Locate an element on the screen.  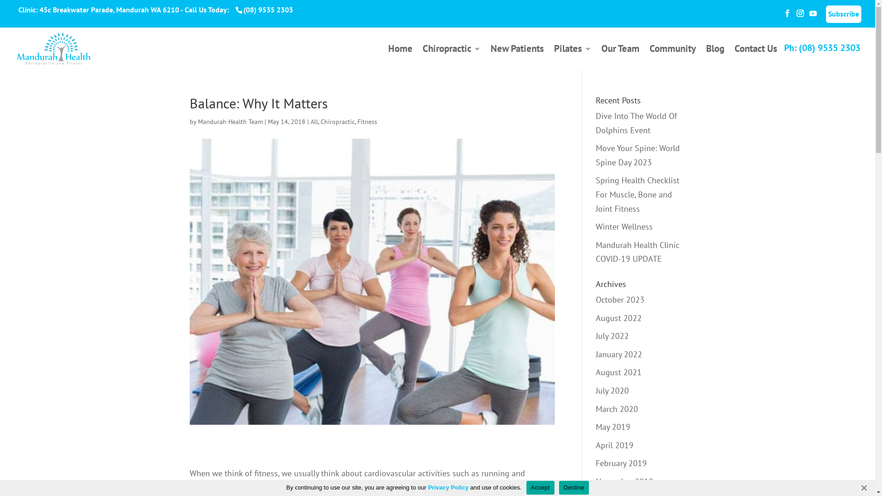
'Decline' is located at coordinates (573, 486).